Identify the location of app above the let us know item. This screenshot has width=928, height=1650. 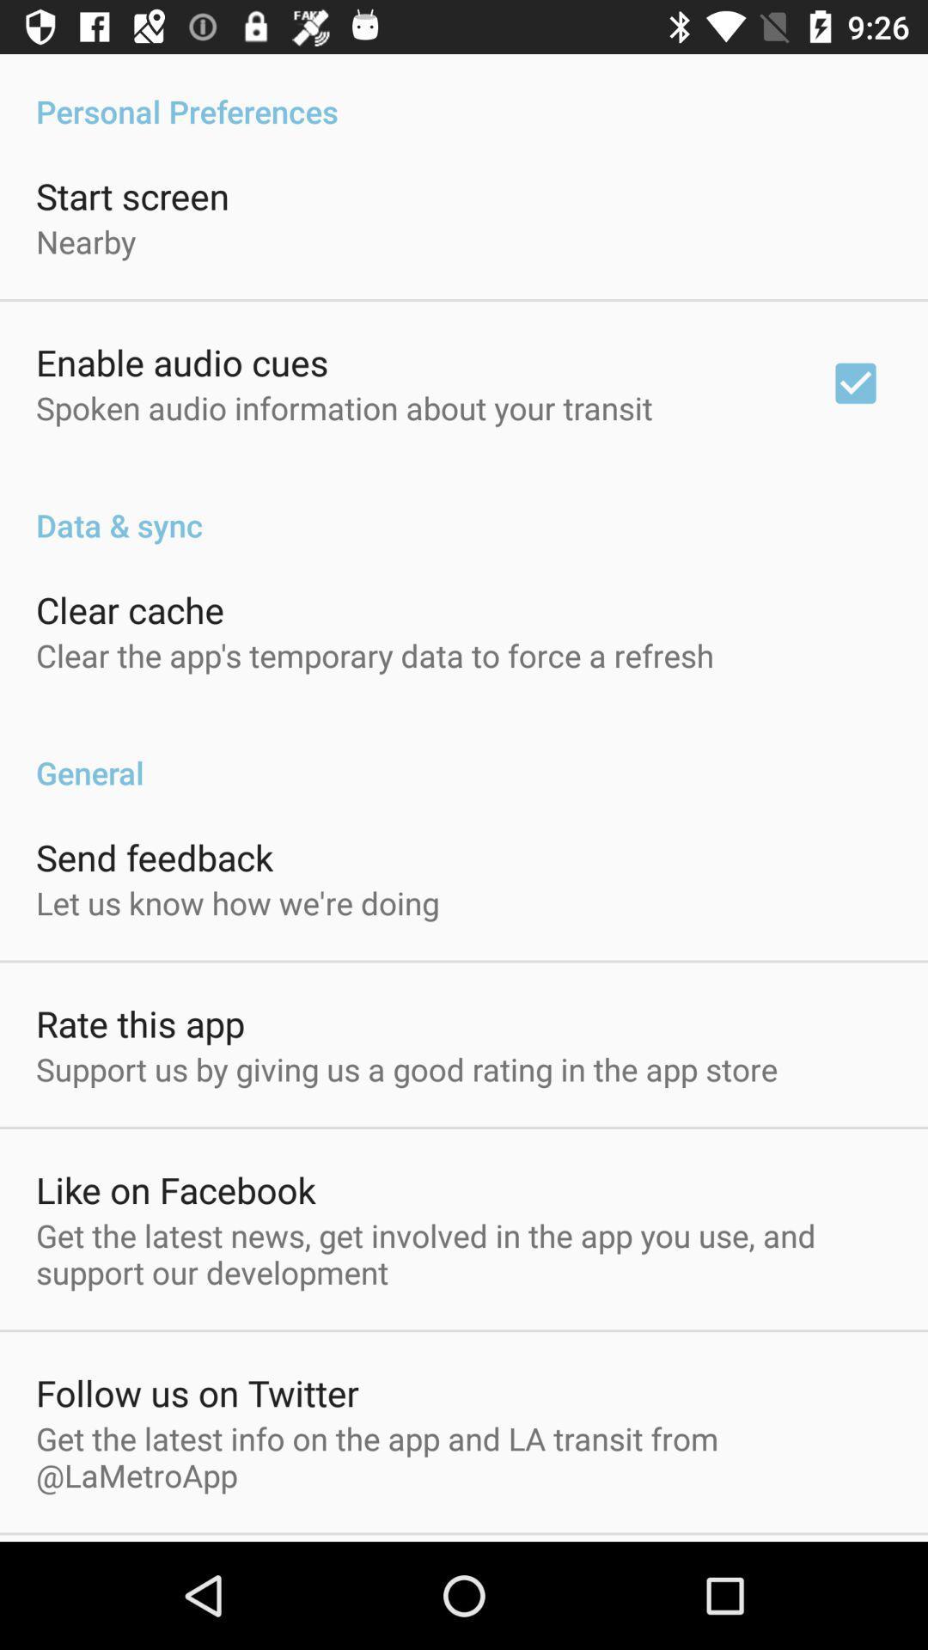
(155, 857).